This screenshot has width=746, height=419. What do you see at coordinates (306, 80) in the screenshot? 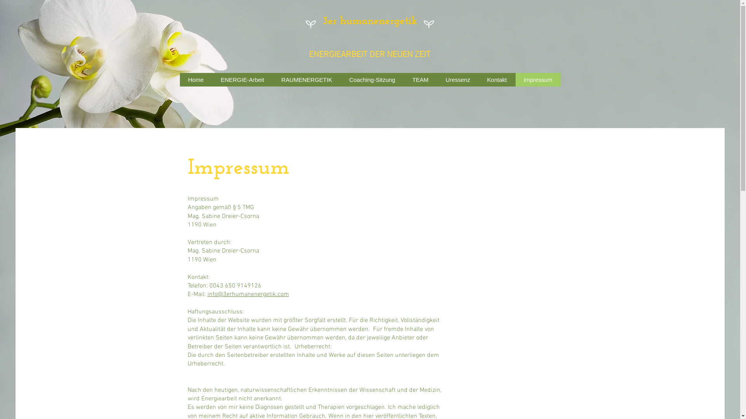
I see `'RAUMENERGETIK'` at bounding box center [306, 80].